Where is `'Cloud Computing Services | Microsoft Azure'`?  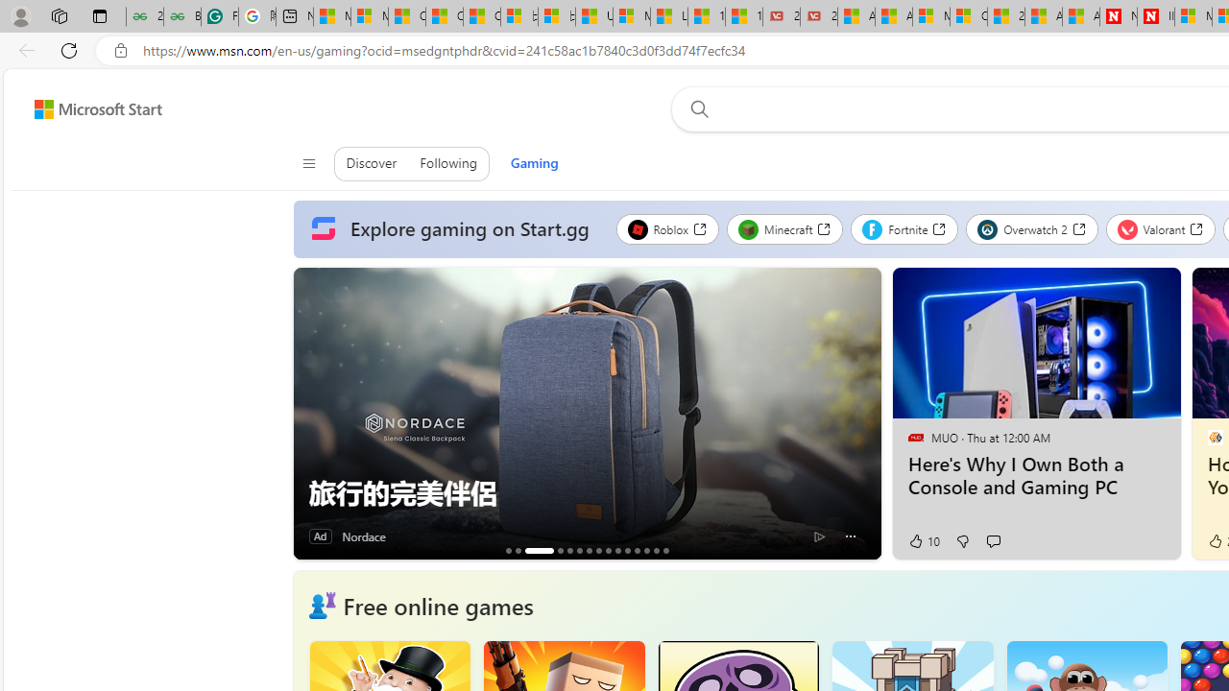
'Cloud Computing Services | Microsoft Azure' is located at coordinates (968, 16).